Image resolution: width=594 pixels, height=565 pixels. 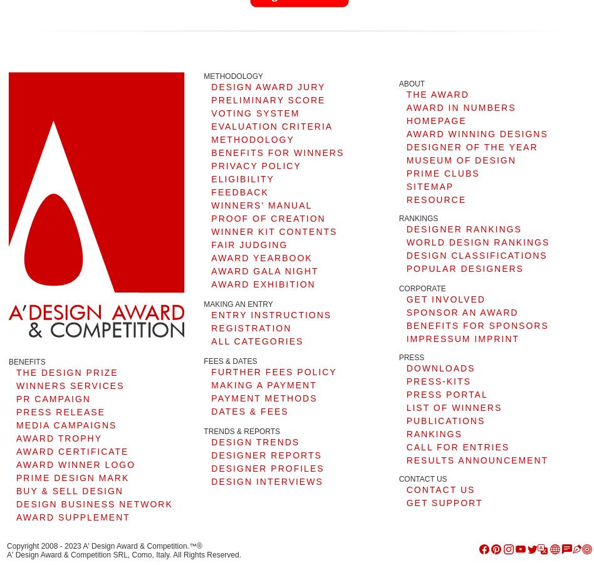 I want to click on 'CALL FOR ENTRIES', so click(x=457, y=447).